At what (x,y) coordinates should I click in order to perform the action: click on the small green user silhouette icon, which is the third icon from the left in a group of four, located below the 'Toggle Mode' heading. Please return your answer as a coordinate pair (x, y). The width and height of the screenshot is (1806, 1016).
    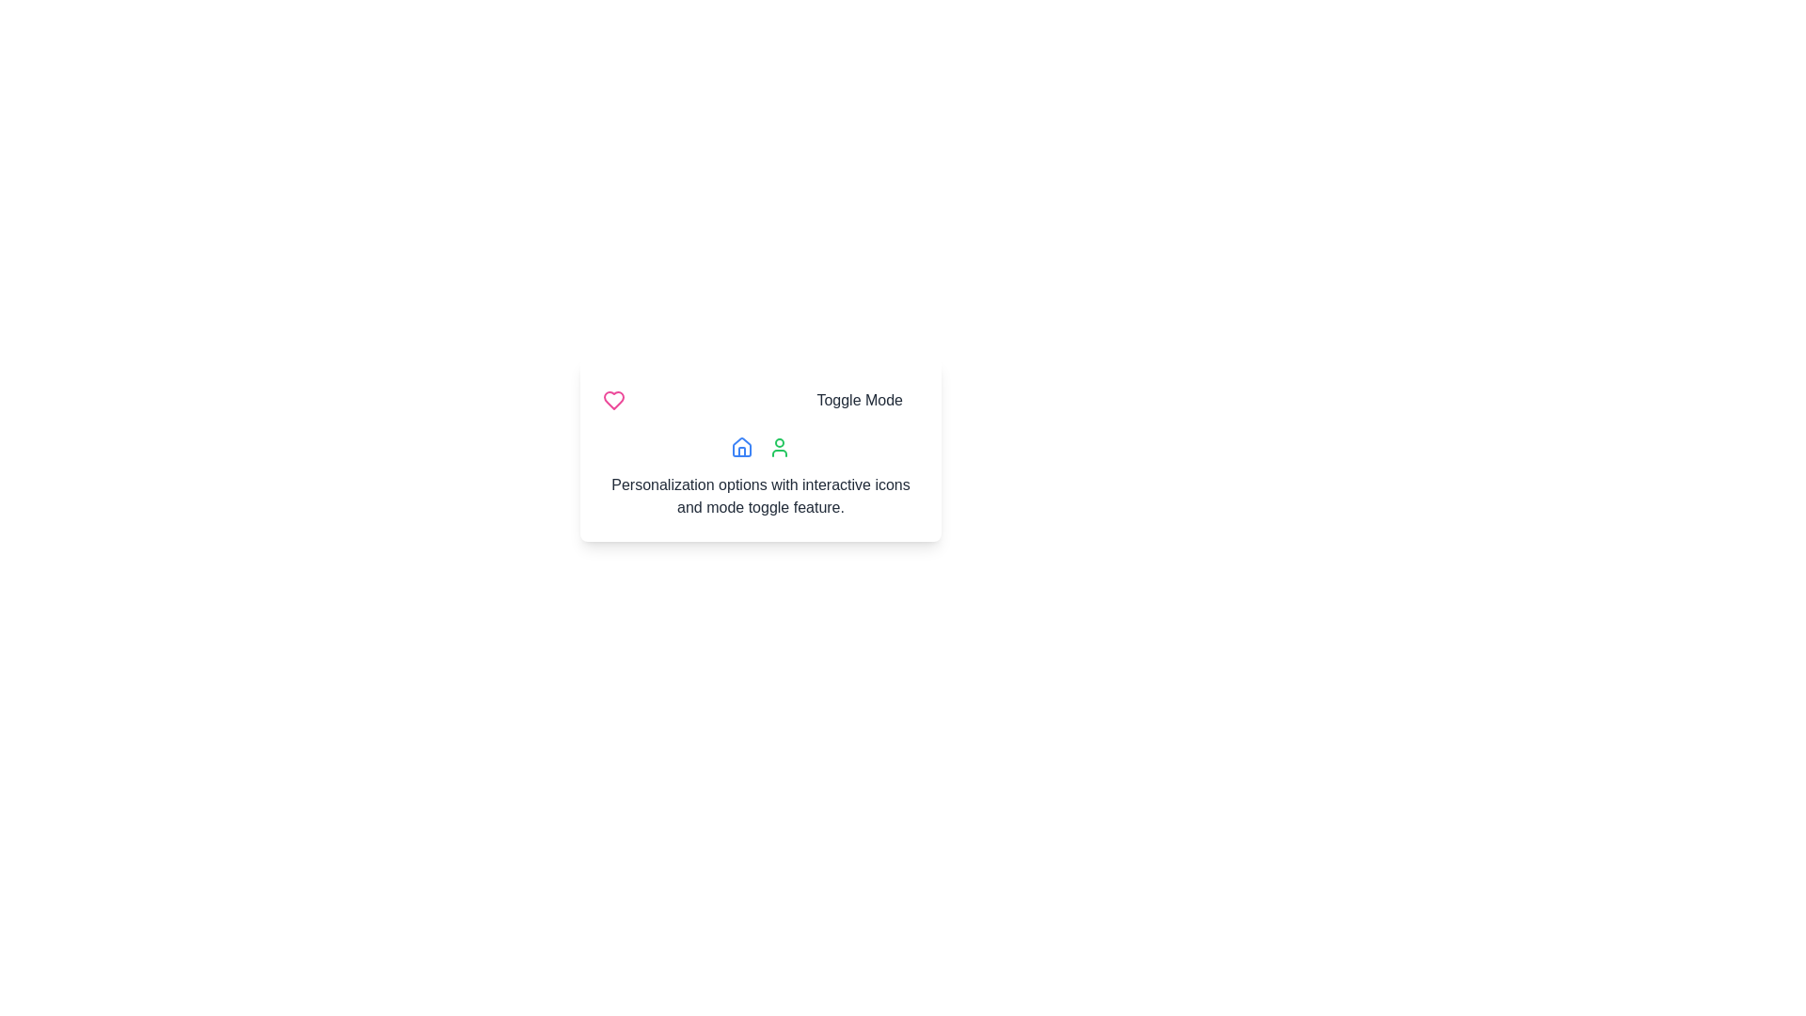
    Looking at the image, I should click on (780, 446).